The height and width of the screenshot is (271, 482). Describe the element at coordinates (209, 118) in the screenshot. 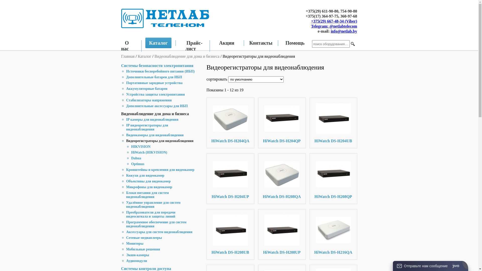

I see `'HiWatch DS-H204QA'` at that location.